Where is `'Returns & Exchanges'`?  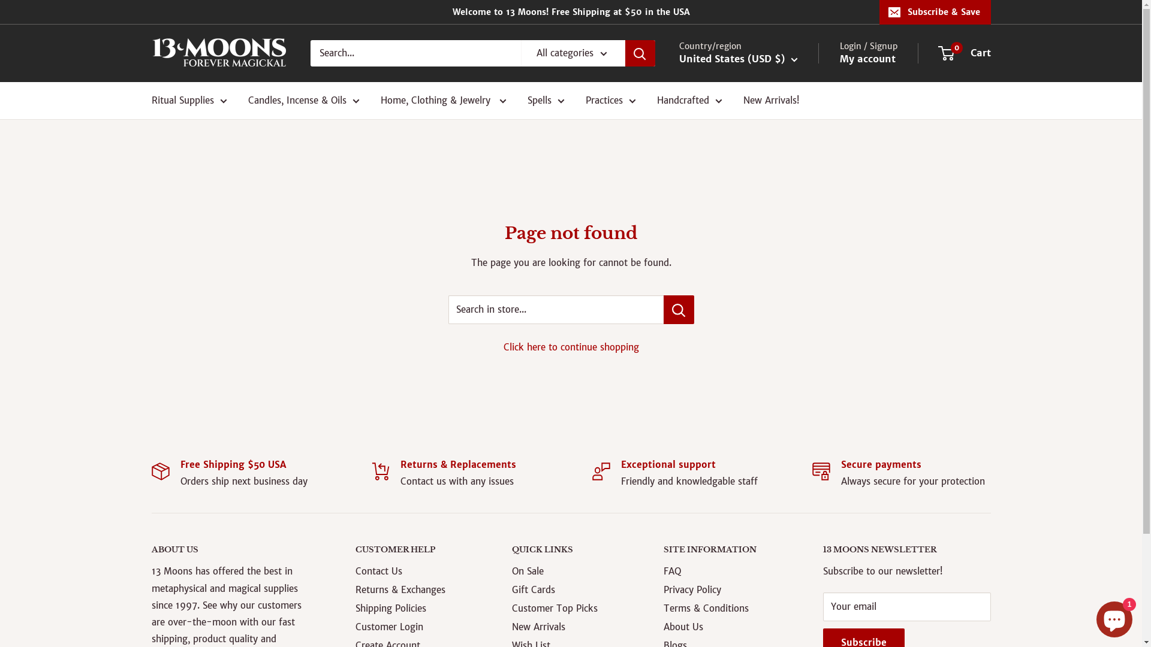
'Returns & Exchanges' is located at coordinates (412, 589).